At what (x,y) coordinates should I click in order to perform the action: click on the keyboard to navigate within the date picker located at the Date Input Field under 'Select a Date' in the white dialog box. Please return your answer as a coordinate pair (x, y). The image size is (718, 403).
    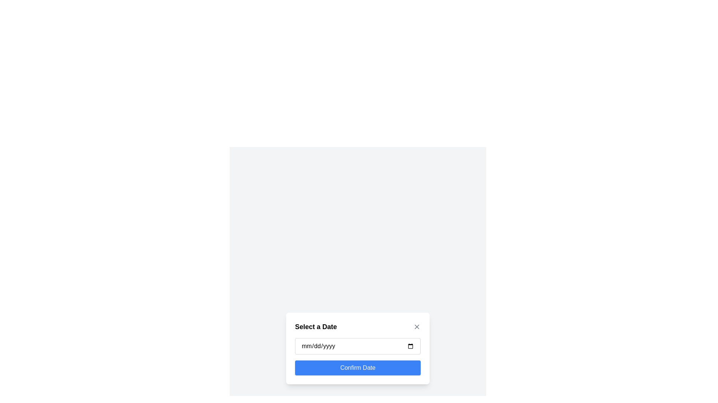
    Looking at the image, I should click on (357, 346).